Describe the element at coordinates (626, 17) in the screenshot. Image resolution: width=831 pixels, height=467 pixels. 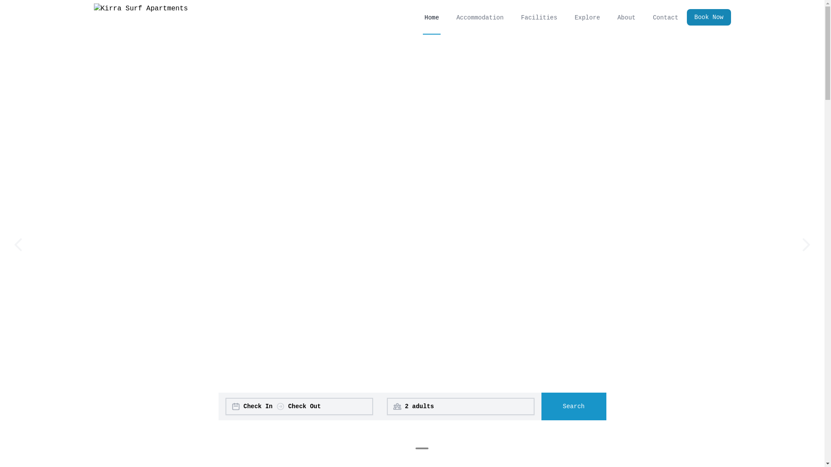
I see `'About'` at that location.